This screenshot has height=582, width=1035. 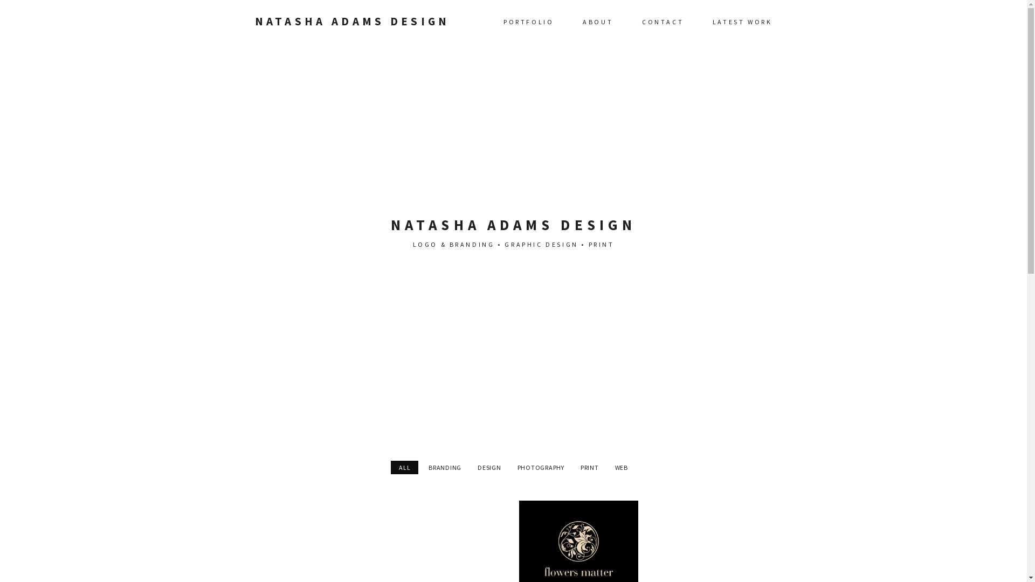 I want to click on 'DESIGN', so click(x=488, y=467).